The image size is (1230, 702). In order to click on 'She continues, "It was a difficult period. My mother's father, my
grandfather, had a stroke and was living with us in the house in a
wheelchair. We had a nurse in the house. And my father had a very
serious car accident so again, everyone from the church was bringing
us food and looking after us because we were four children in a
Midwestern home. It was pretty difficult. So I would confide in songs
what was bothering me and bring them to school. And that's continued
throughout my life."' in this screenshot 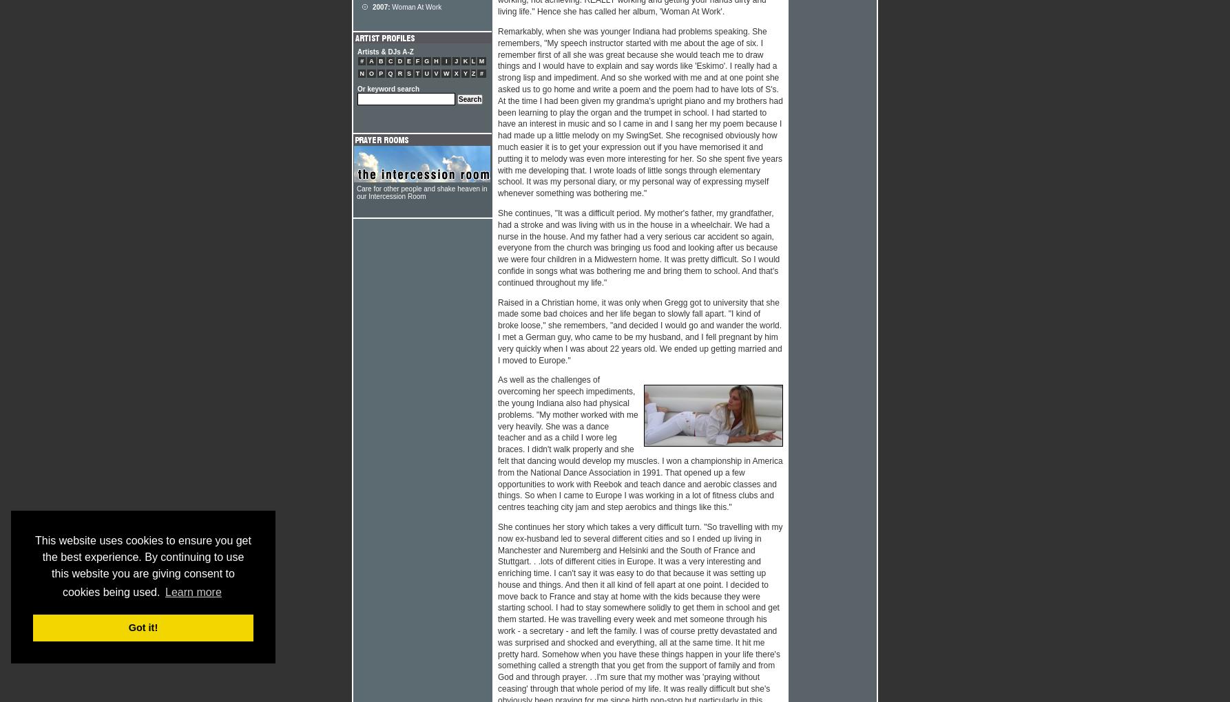, I will do `click(638, 246)`.